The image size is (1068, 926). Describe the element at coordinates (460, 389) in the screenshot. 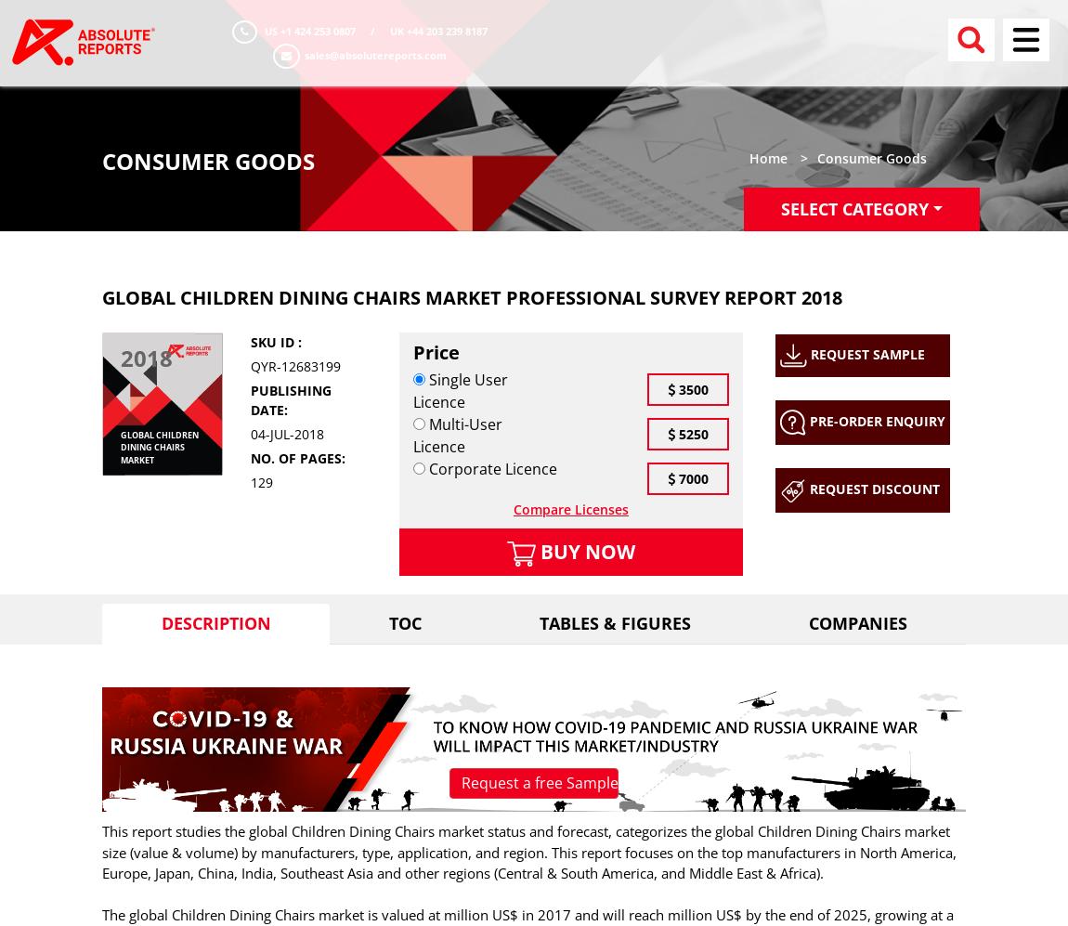

I see `'Single User Licence'` at that location.